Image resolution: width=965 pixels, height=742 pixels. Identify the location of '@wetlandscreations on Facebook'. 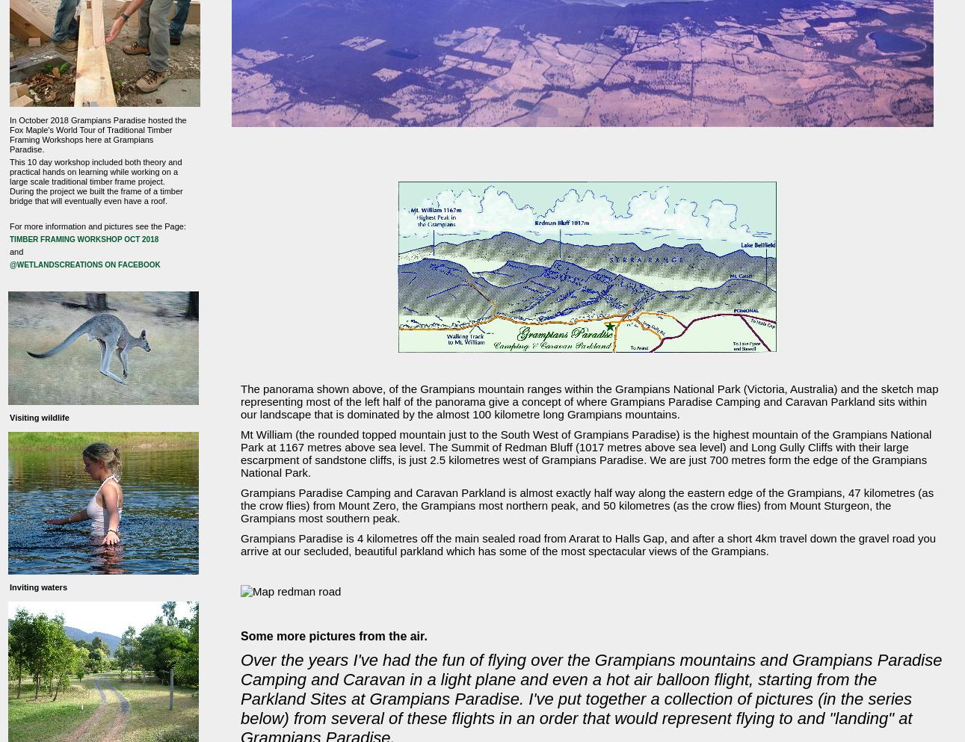
(84, 264).